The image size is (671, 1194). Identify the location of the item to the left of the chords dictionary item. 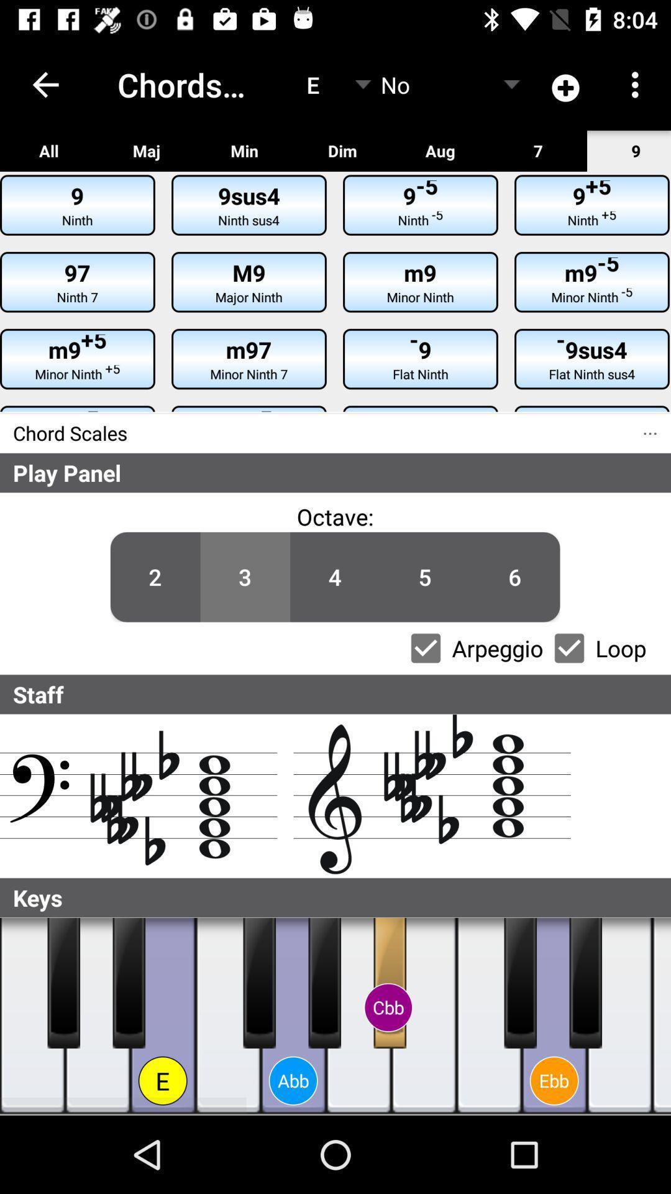
(45, 84).